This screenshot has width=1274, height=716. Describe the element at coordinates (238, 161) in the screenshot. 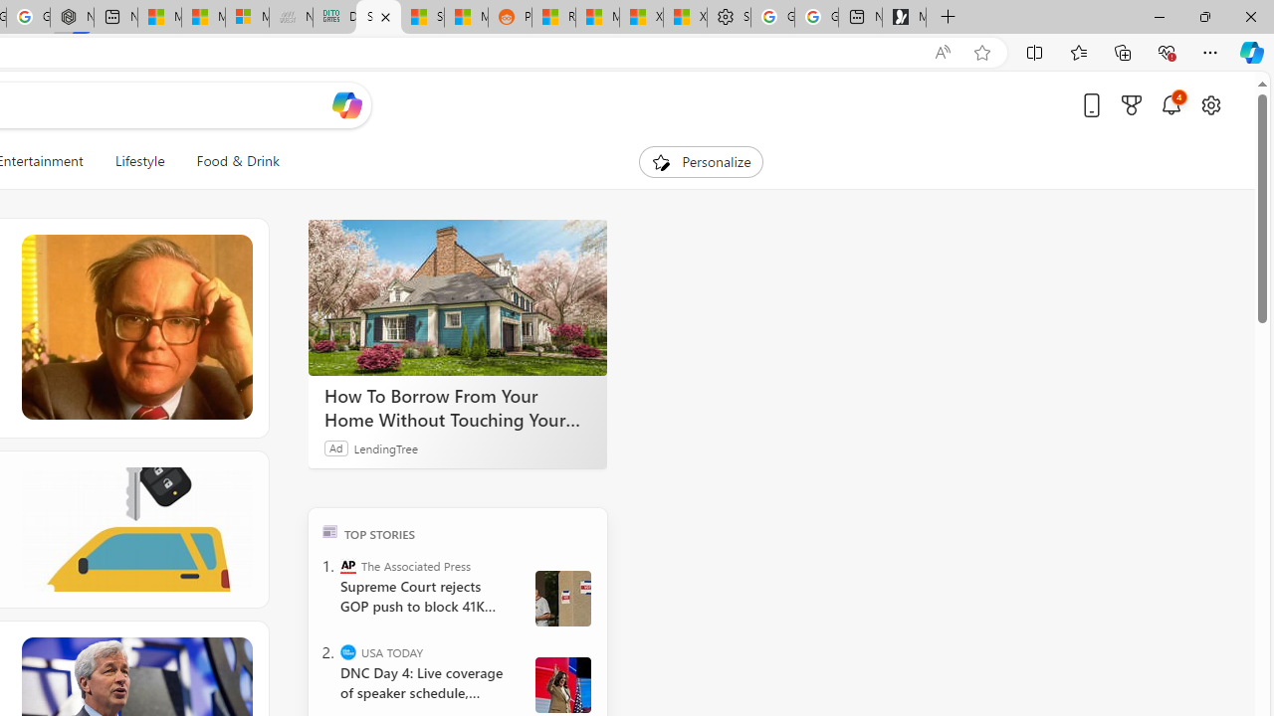

I see `'Food & Drink'` at that location.